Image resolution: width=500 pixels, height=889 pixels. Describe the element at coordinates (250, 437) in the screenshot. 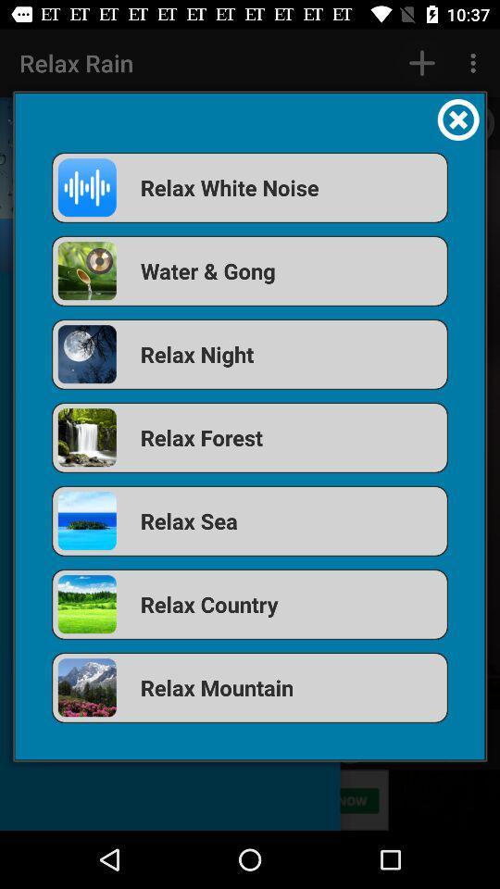

I see `item below relax night app` at that location.